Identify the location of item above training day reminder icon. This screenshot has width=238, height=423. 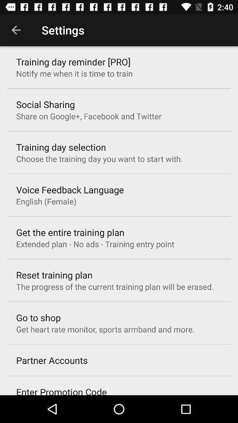
(16, 30).